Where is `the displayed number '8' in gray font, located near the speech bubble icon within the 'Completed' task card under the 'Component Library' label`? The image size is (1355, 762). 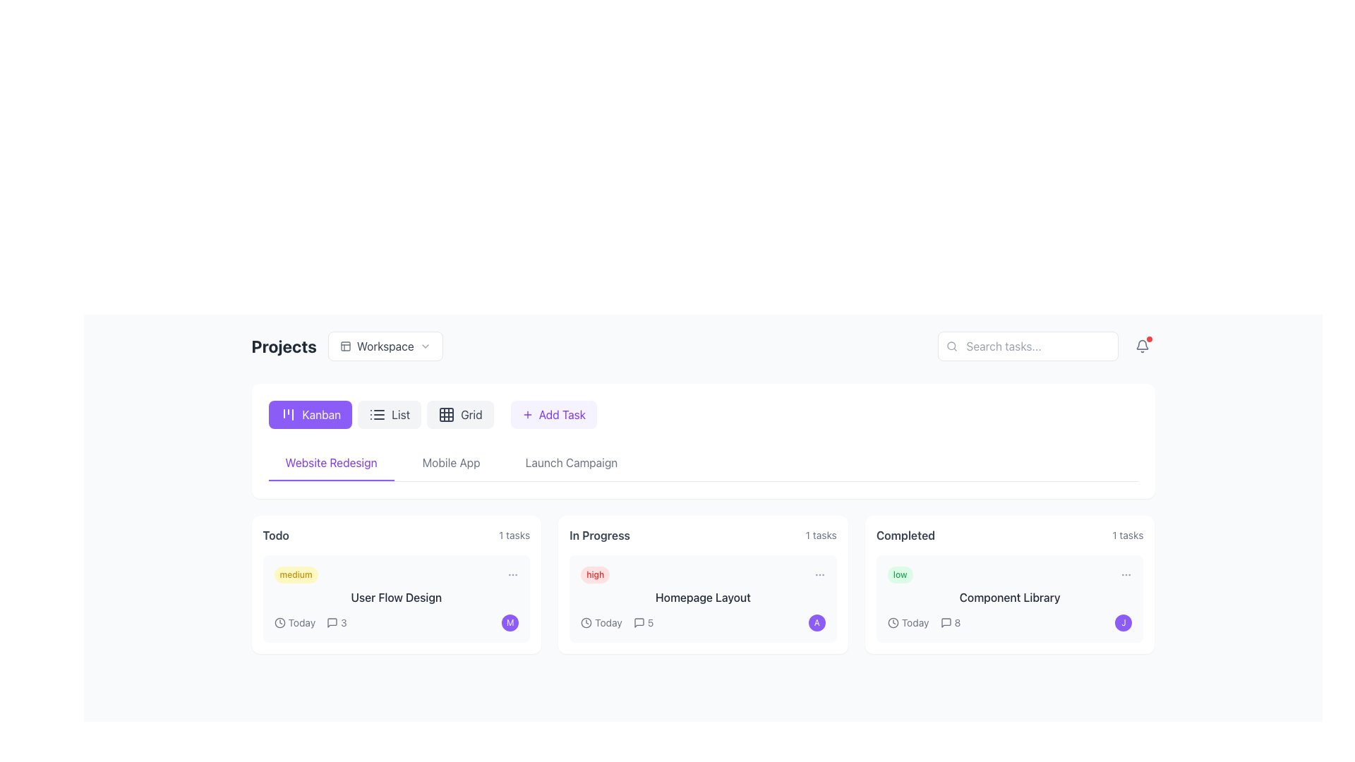
the displayed number '8' in gray font, located near the speech bubble icon within the 'Completed' task card under the 'Component Library' label is located at coordinates (957, 622).